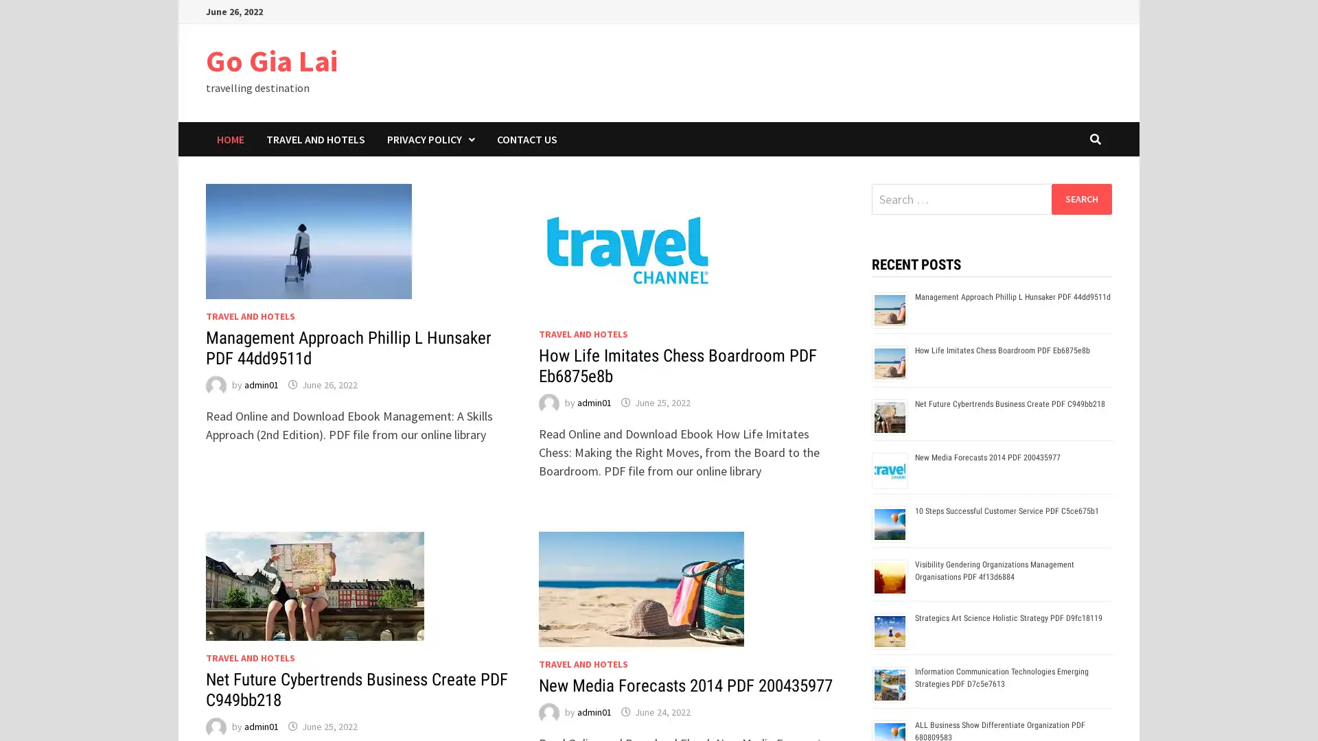  What do you see at coordinates (1080, 198) in the screenshot?
I see `Search` at bounding box center [1080, 198].